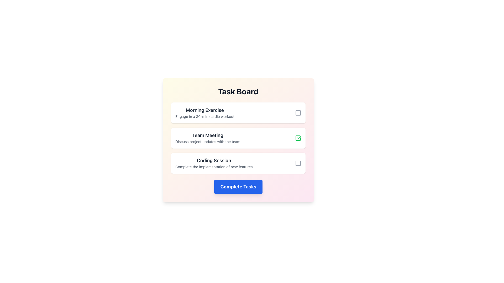 This screenshot has height=283, width=504. I want to click on the interactive checkbox for the 'Morning Exercise' task, so click(298, 113).